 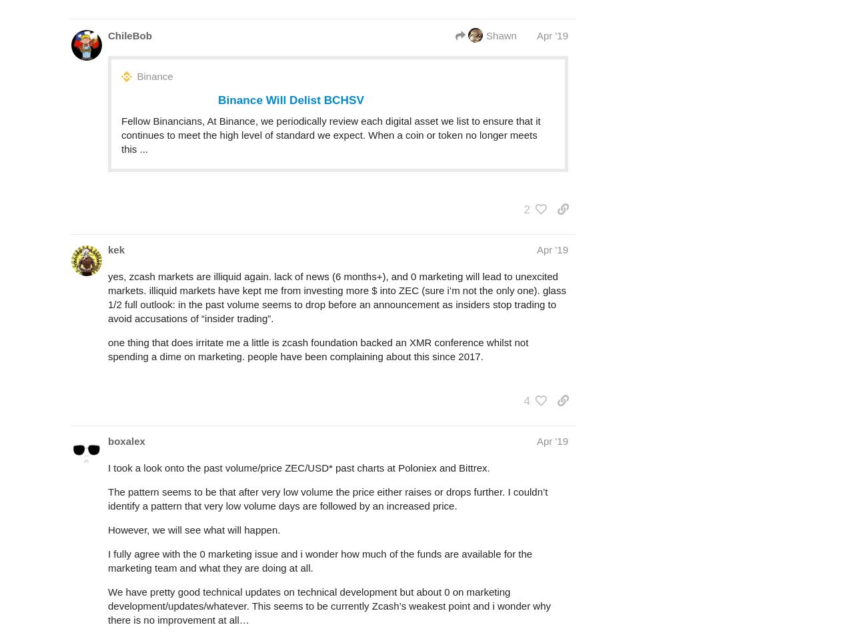 What do you see at coordinates (526, 400) in the screenshot?
I see `'4'` at bounding box center [526, 400].